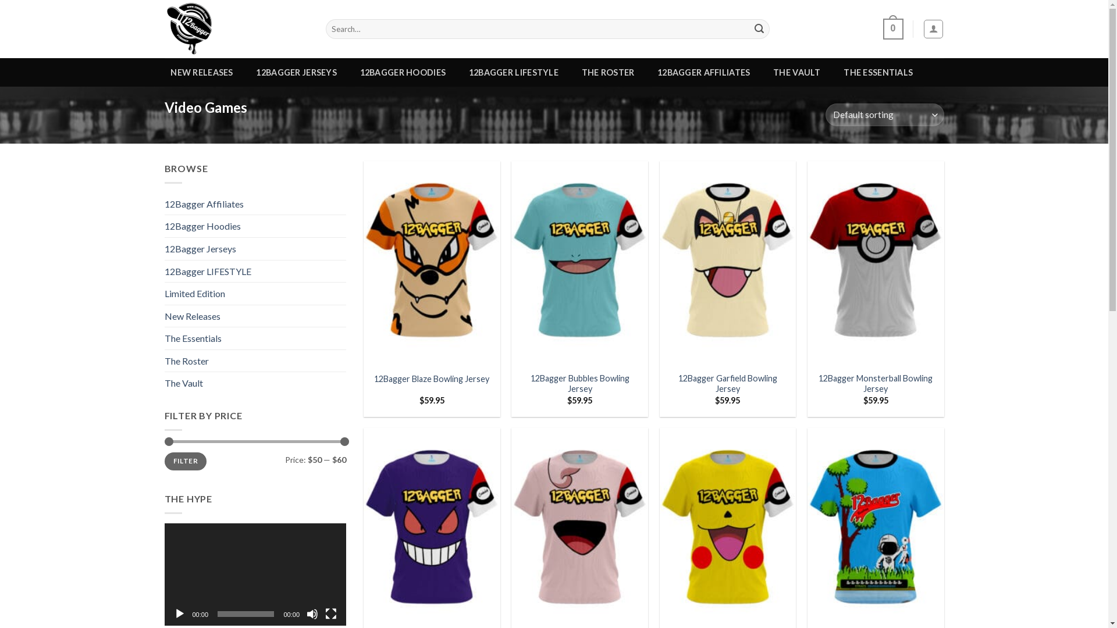 This screenshot has width=1117, height=628. I want to click on '12BAGGER AFFILIATES', so click(703, 72).